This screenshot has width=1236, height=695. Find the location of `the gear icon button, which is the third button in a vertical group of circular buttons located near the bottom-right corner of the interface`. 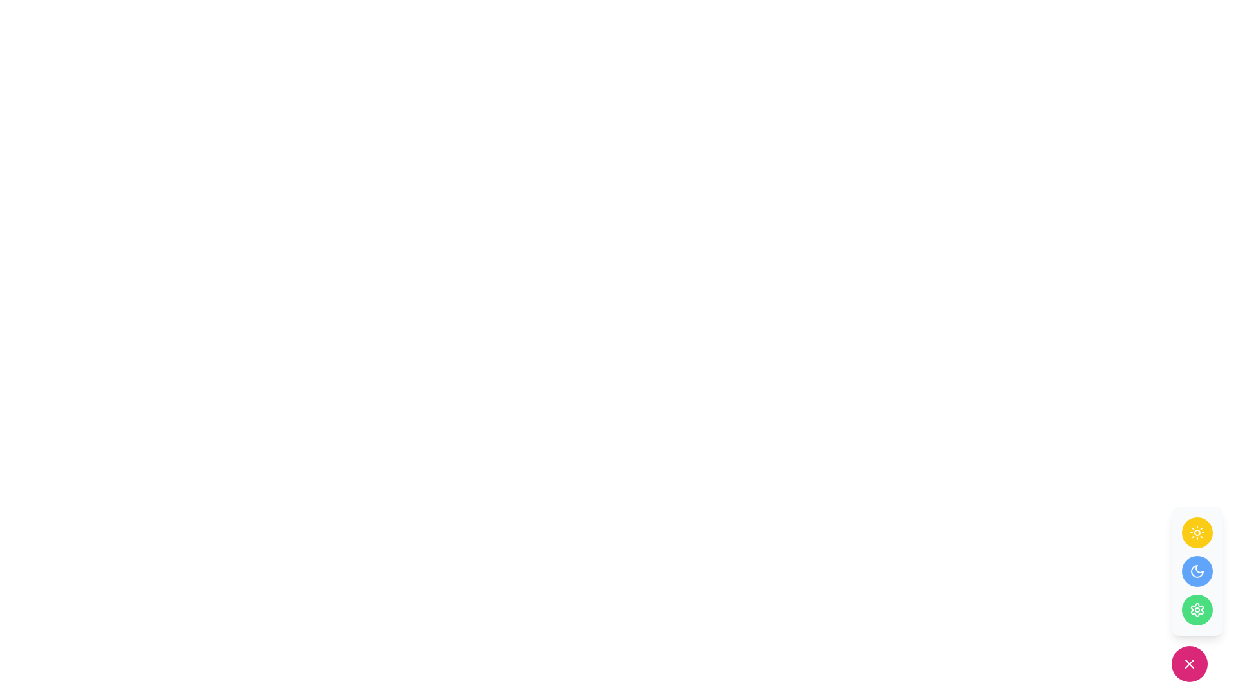

the gear icon button, which is the third button in a vertical group of circular buttons located near the bottom-right corner of the interface is located at coordinates (1197, 609).